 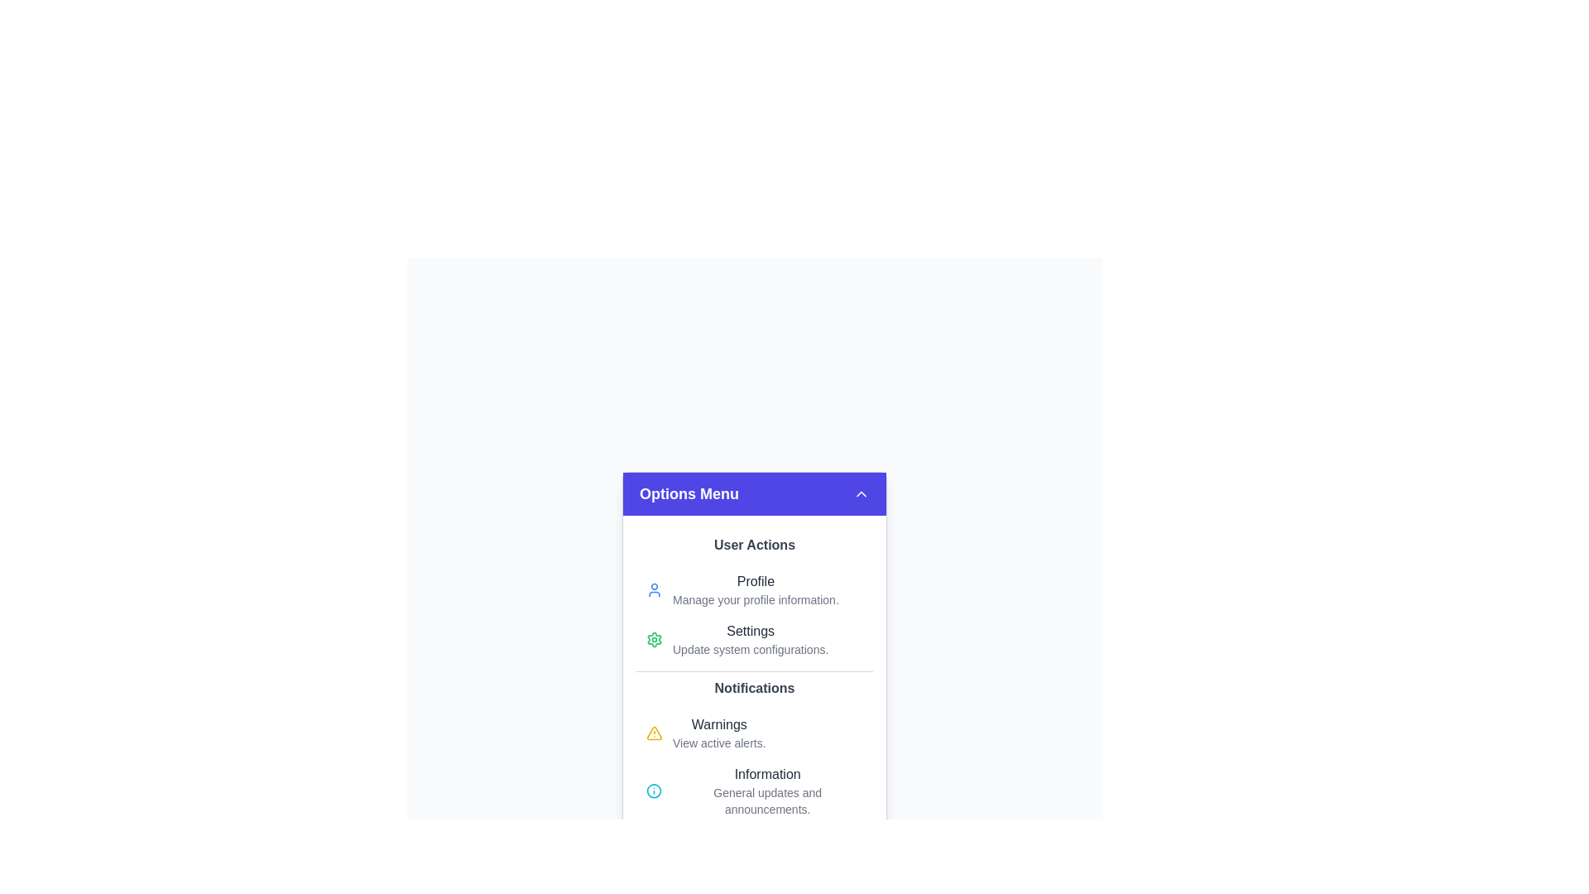 I want to click on the first menu item under the 'User Actions' section, so click(x=754, y=589).